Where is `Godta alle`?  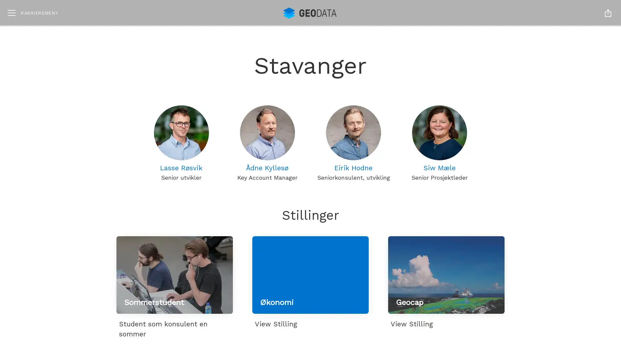
Godta alle is located at coordinates (547, 275).